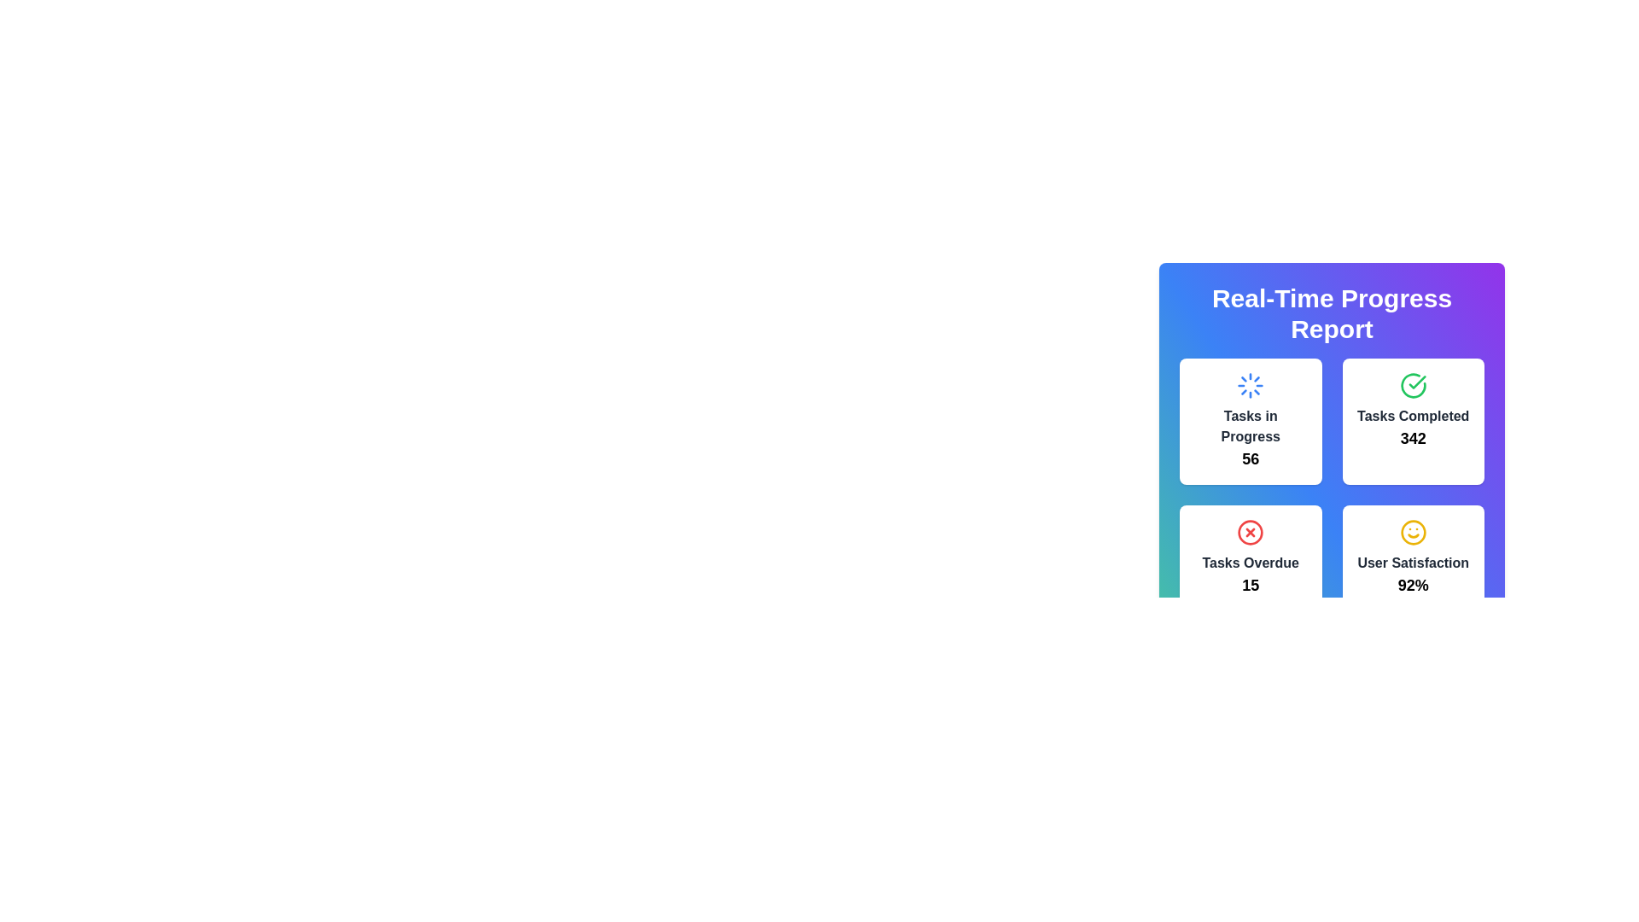  What do you see at coordinates (1251, 426) in the screenshot?
I see `the text label that displays 'Tasks in Progress', which is prominently styled in a bold font and located at the center of the upper-left card in a grid of four cards` at bounding box center [1251, 426].